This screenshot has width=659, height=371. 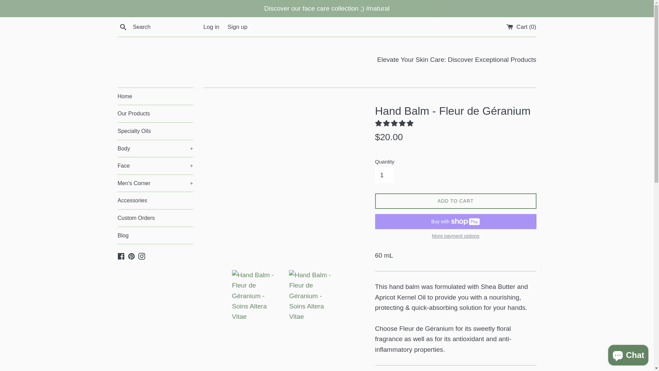 What do you see at coordinates (154, 200) in the screenshot?
I see `'Accessories'` at bounding box center [154, 200].